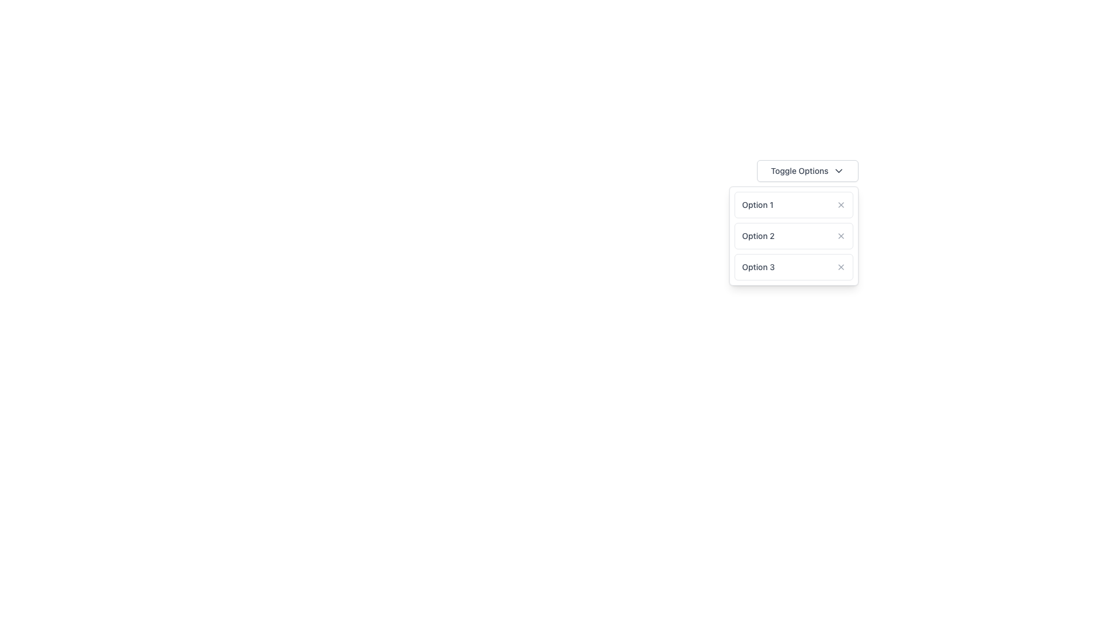  What do you see at coordinates (838, 171) in the screenshot?
I see `the small downward-pointing chevron icon next to the 'Toggle Options' label` at bounding box center [838, 171].